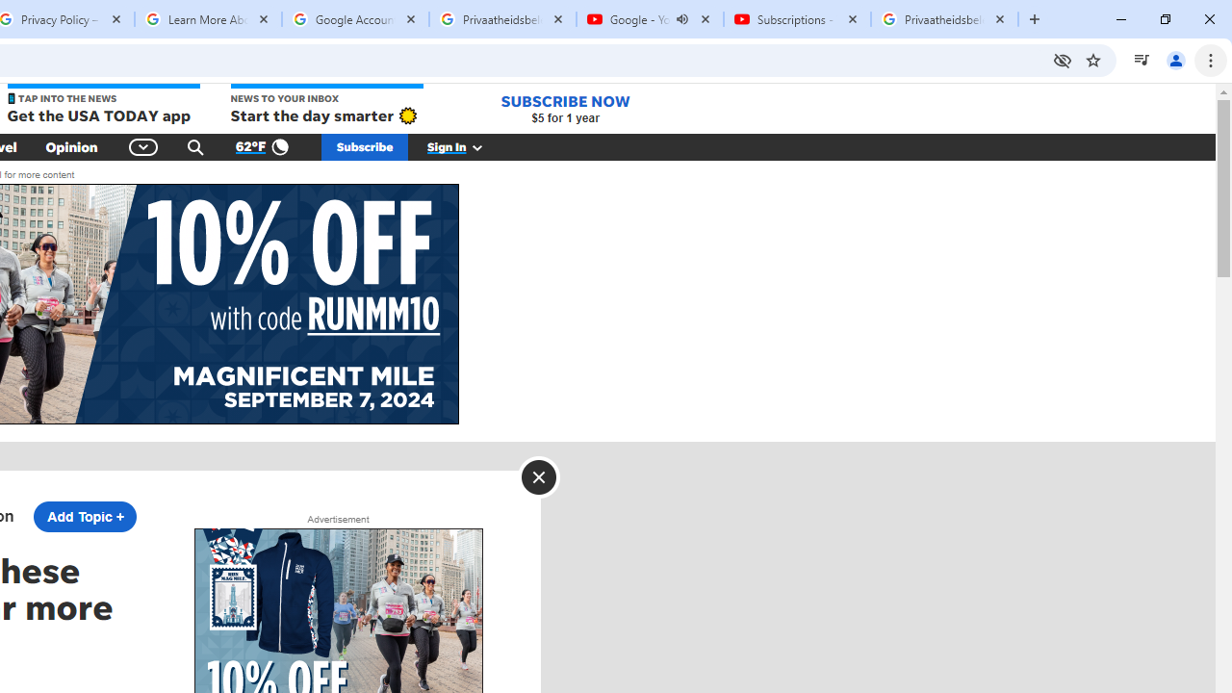 Image resolution: width=1232 pixels, height=693 pixels. What do you see at coordinates (195, 146) in the screenshot?
I see `'Search'` at bounding box center [195, 146].